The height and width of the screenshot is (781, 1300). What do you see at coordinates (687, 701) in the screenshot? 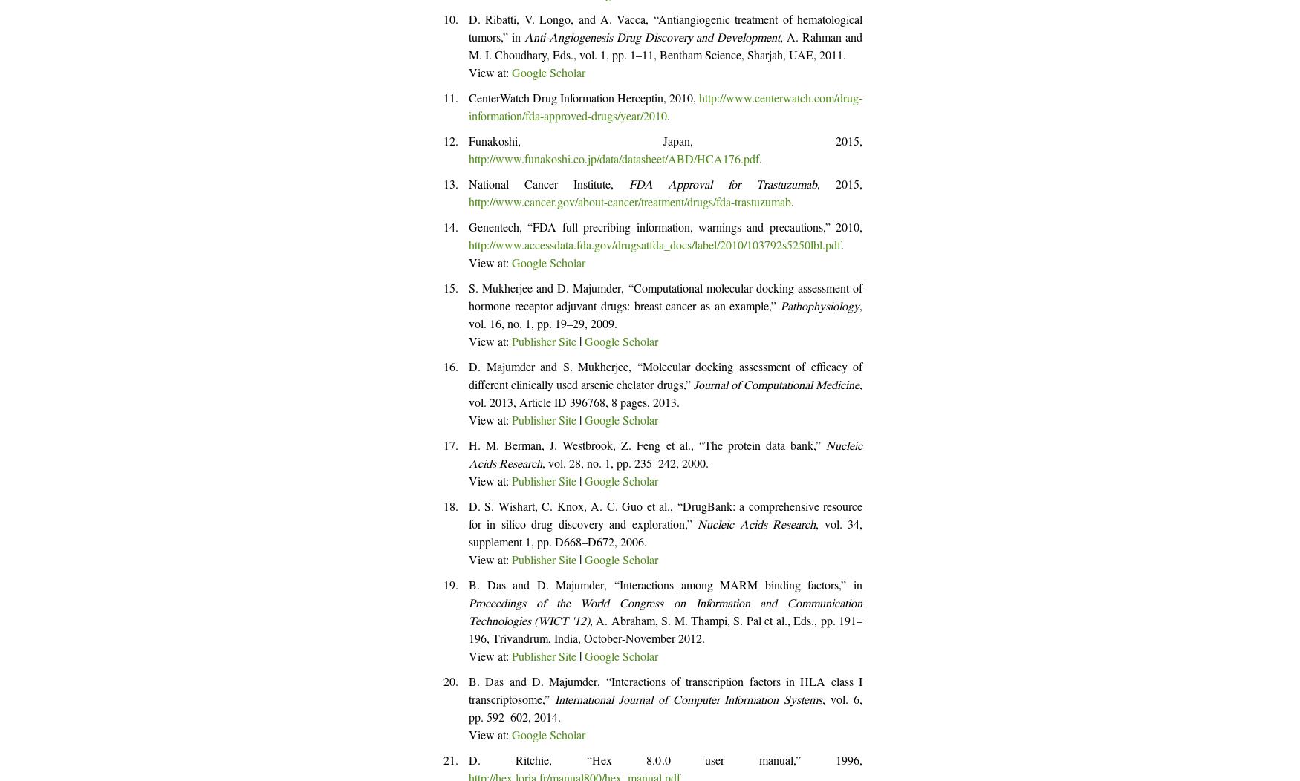
I see `'International Journal of Computer Information Systems'` at bounding box center [687, 701].